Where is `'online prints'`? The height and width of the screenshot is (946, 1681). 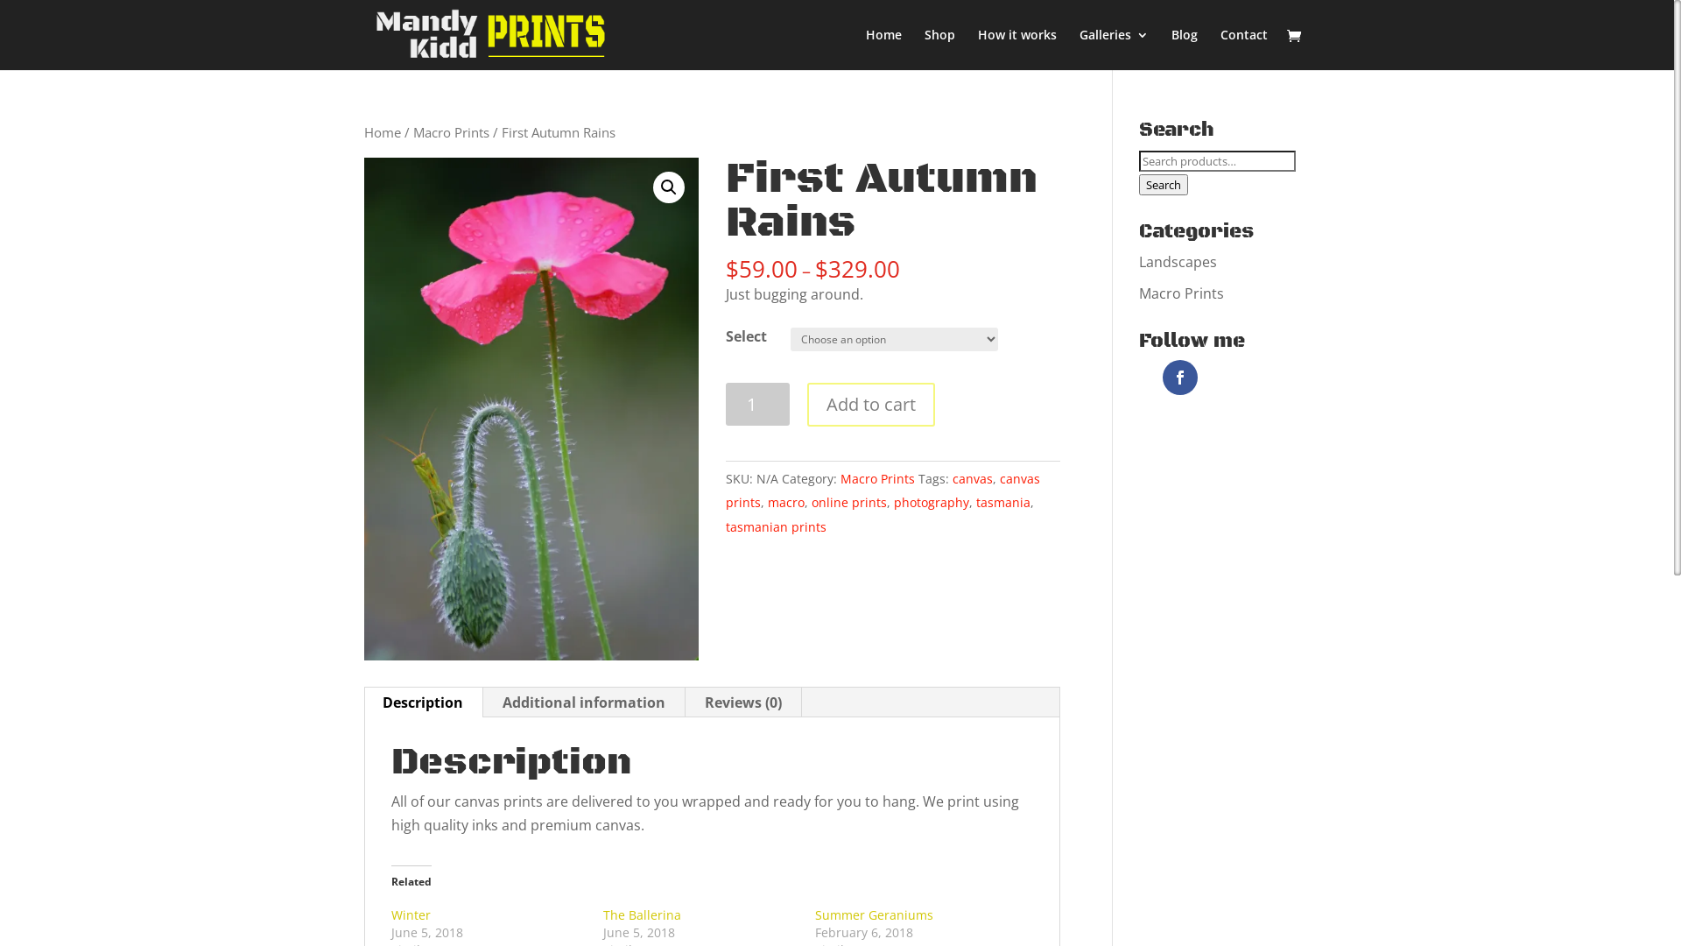 'online prints' is located at coordinates (848, 502).